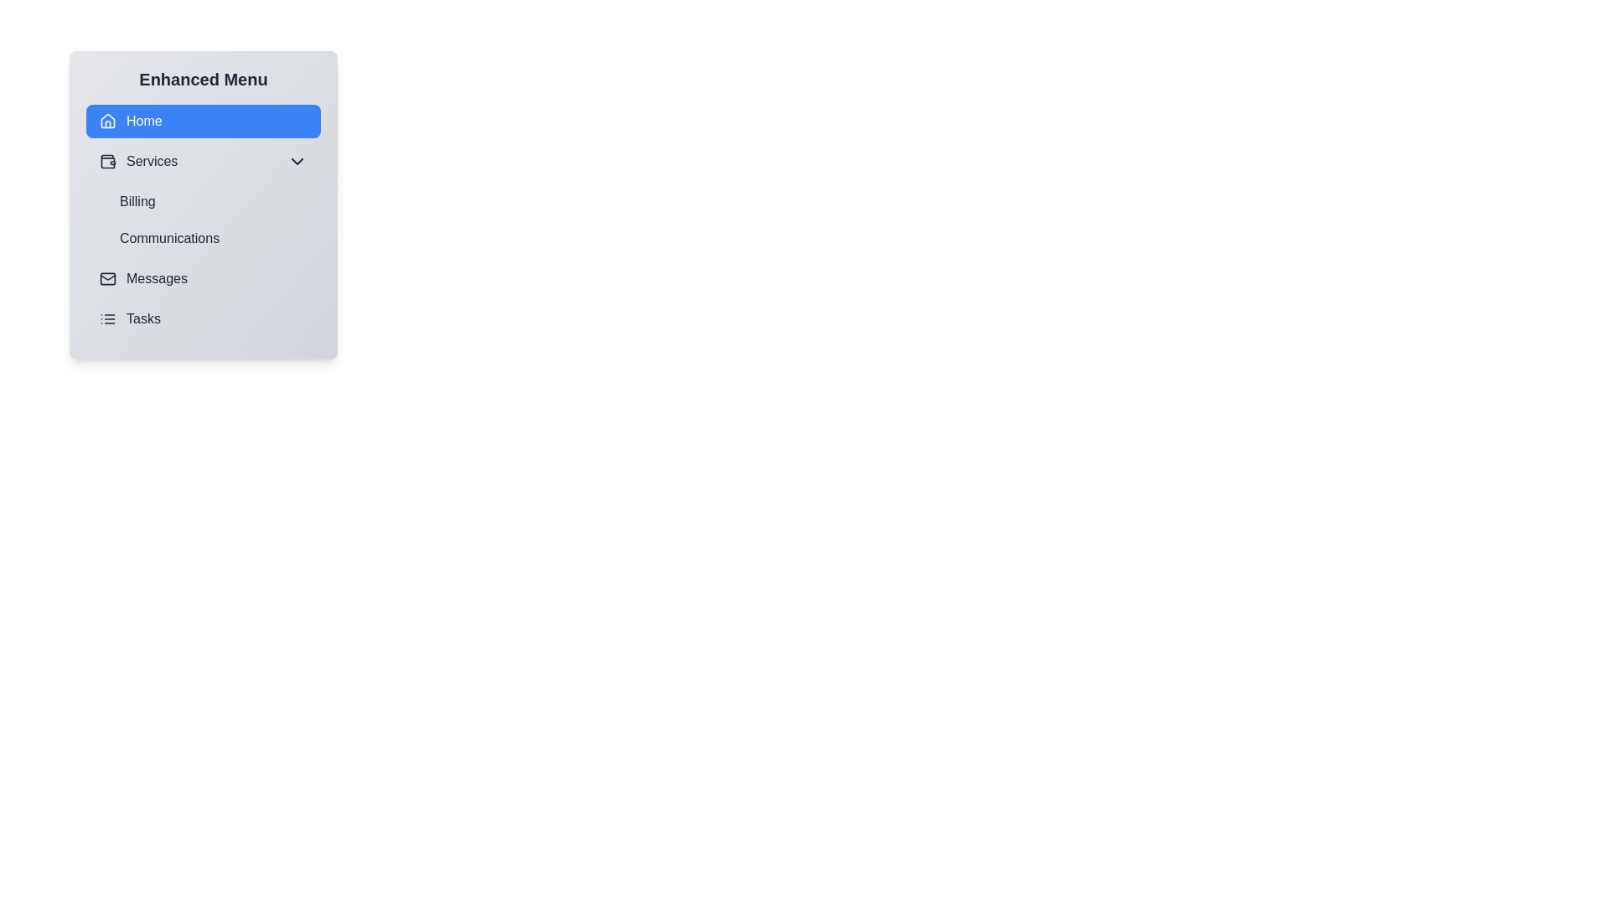 This screenshot has width=1609, height=905. What do you see at coordinates (129, 319) in the screenshot?
I see `the 'Tasks' menu item, which features an icon of three horizontal lines` at bounding box center [129, 319].